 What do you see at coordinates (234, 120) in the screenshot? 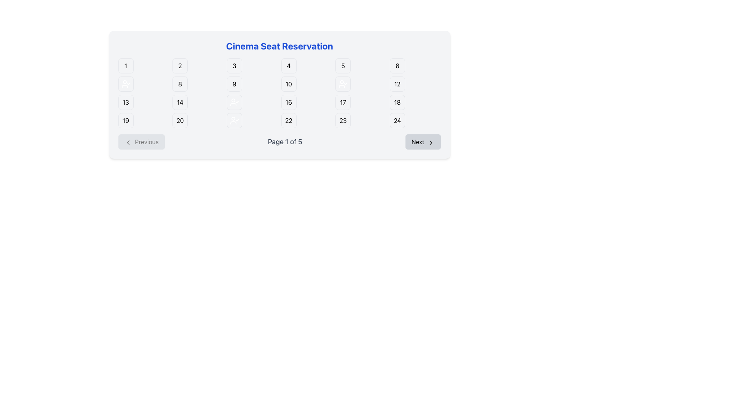
I see `the seat reservation button located in the third column and fourth row of the 6-column grid layout` at bounding box center [234, 120].